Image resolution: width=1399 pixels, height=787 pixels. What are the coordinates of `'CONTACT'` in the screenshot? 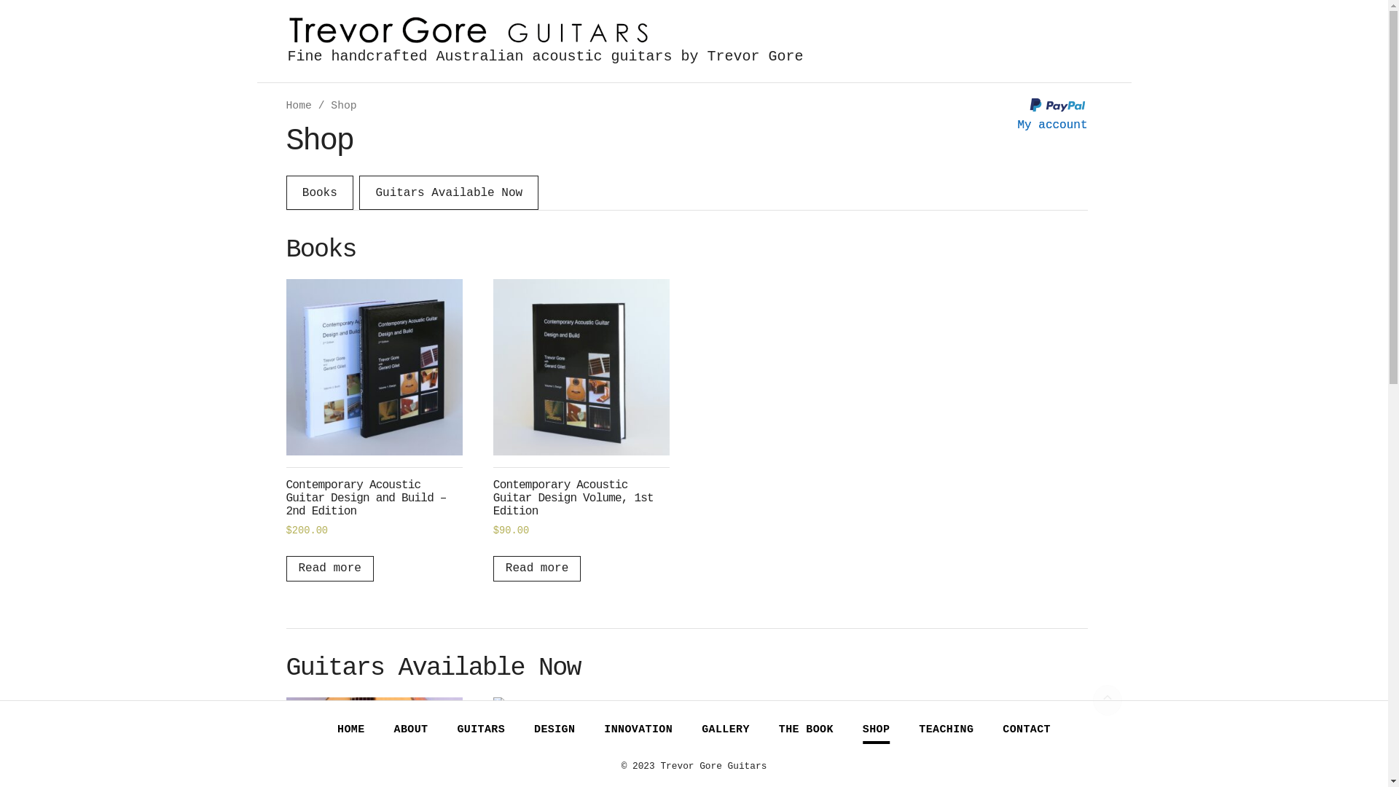 It's located at (1026, 730).